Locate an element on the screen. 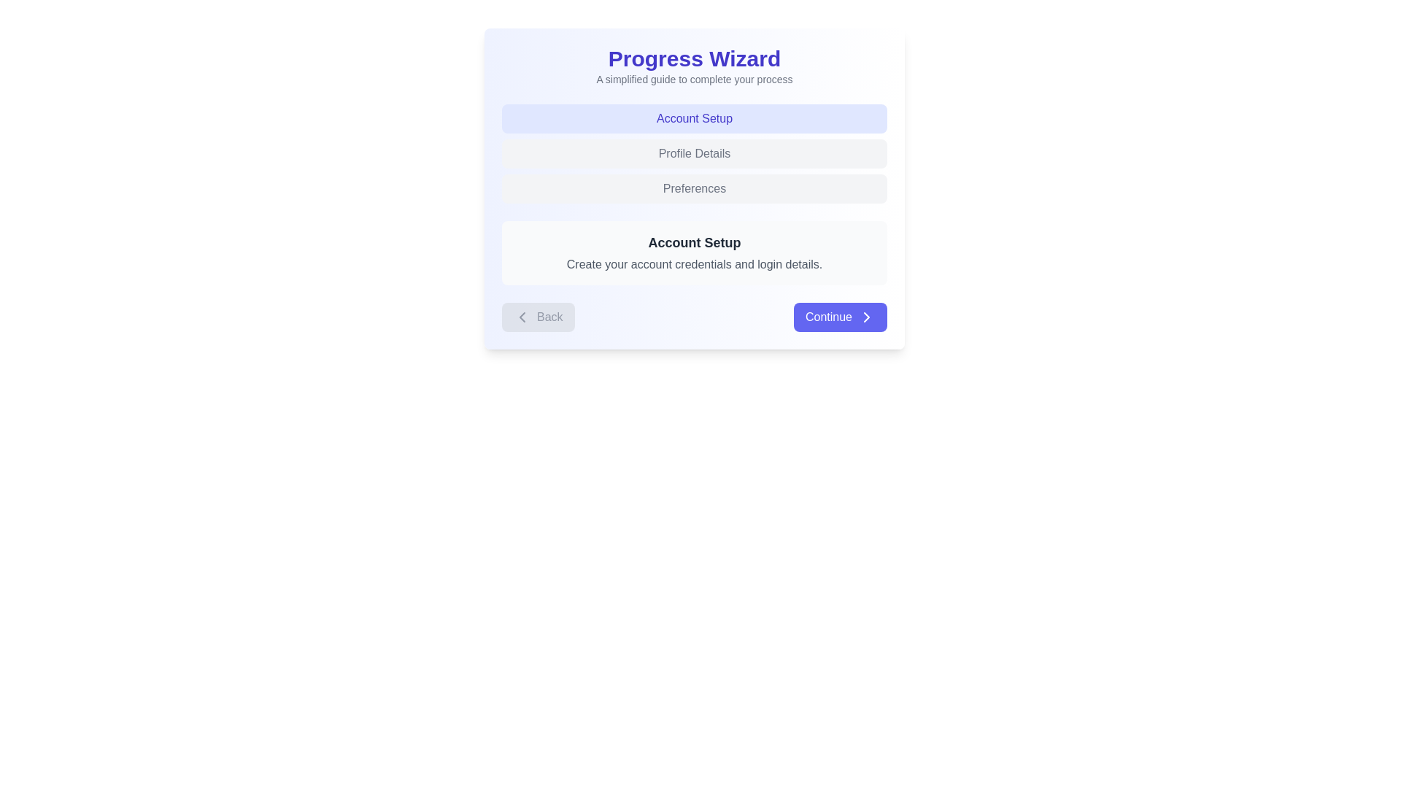 Image resolution: width=1401 pixels, height=788 pixels. the rectangular 'Back' button with a gray background and rounded corners is located at coordinates (537, 317).